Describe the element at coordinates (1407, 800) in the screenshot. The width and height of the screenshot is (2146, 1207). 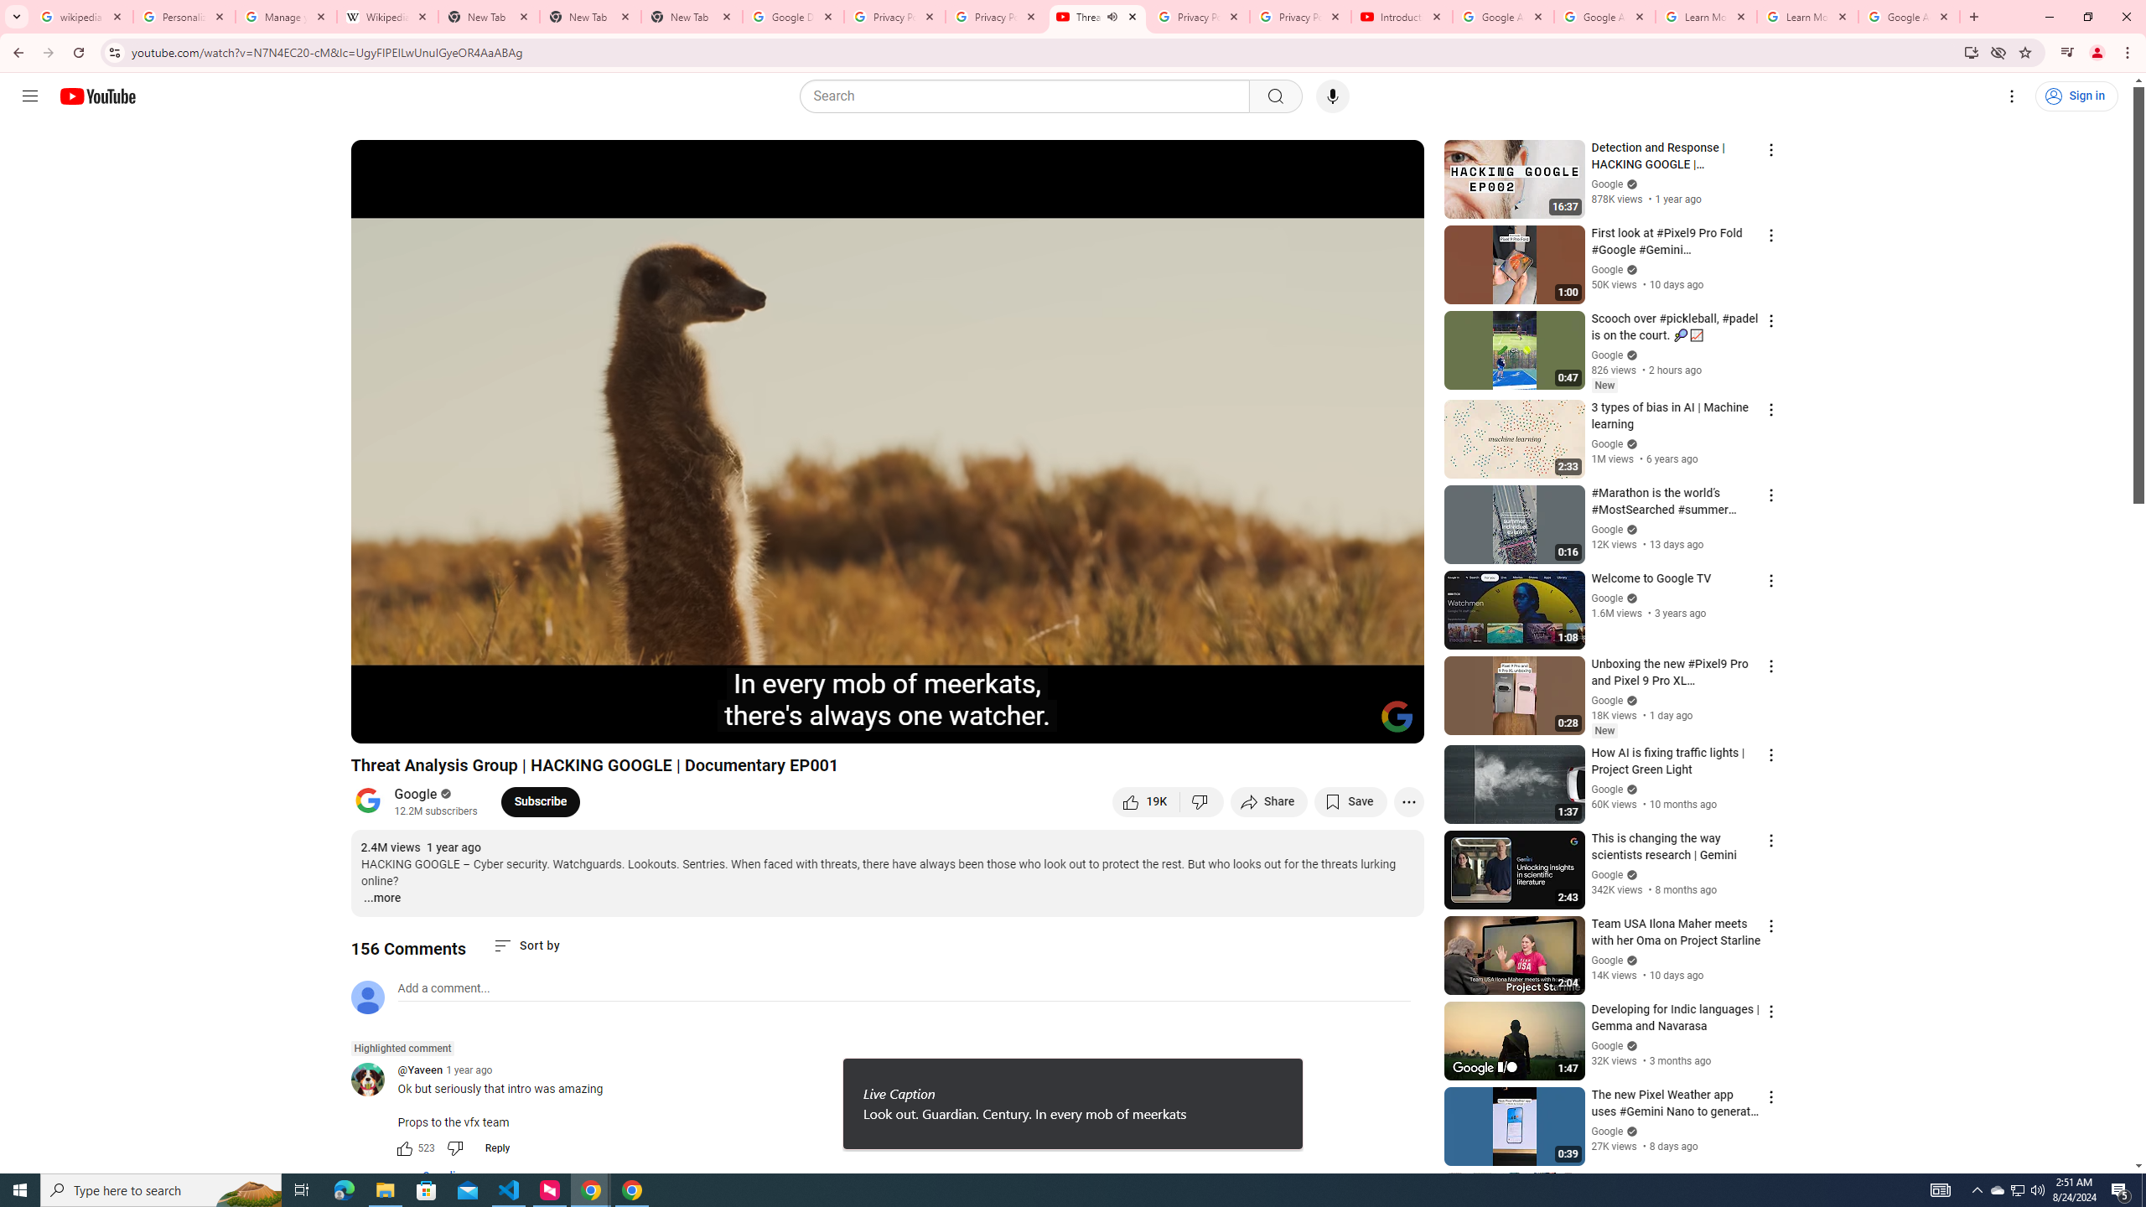
I see `'More actions'` at that location.